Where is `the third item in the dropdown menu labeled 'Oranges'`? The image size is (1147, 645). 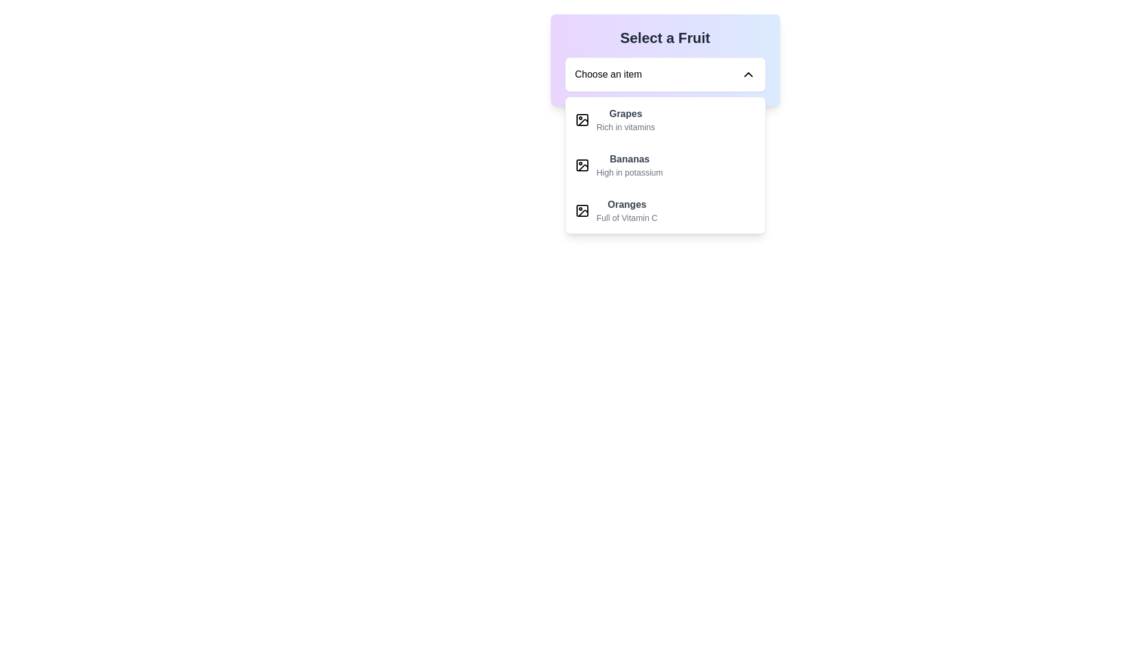 the third item in the dropdown menu labeled 'Oranges' is located at coordinates (626, 210).